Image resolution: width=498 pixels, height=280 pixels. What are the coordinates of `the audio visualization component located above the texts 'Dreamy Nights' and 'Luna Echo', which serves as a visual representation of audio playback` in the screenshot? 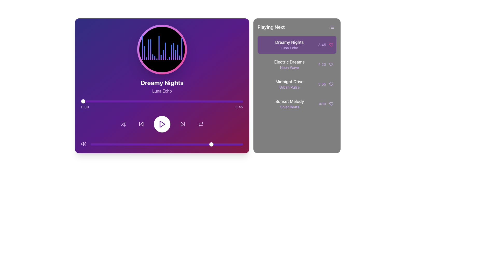 It's located at (162, 50).